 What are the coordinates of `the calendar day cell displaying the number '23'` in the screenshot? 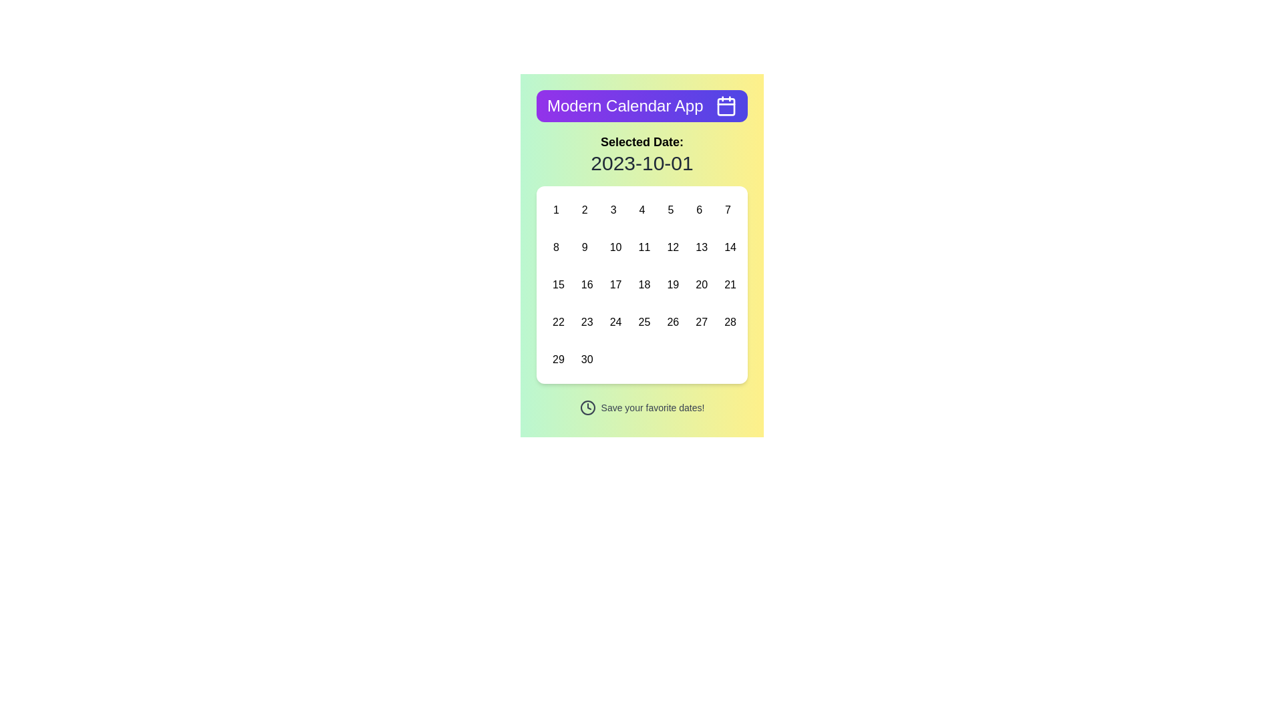 It's located at (585, 322).